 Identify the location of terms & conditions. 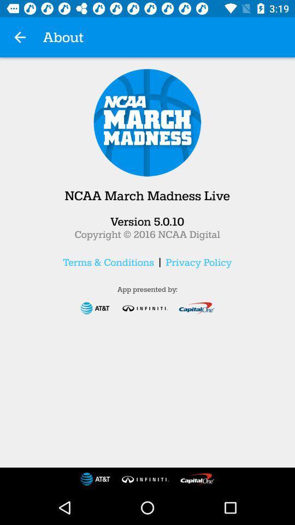
(108, 262).